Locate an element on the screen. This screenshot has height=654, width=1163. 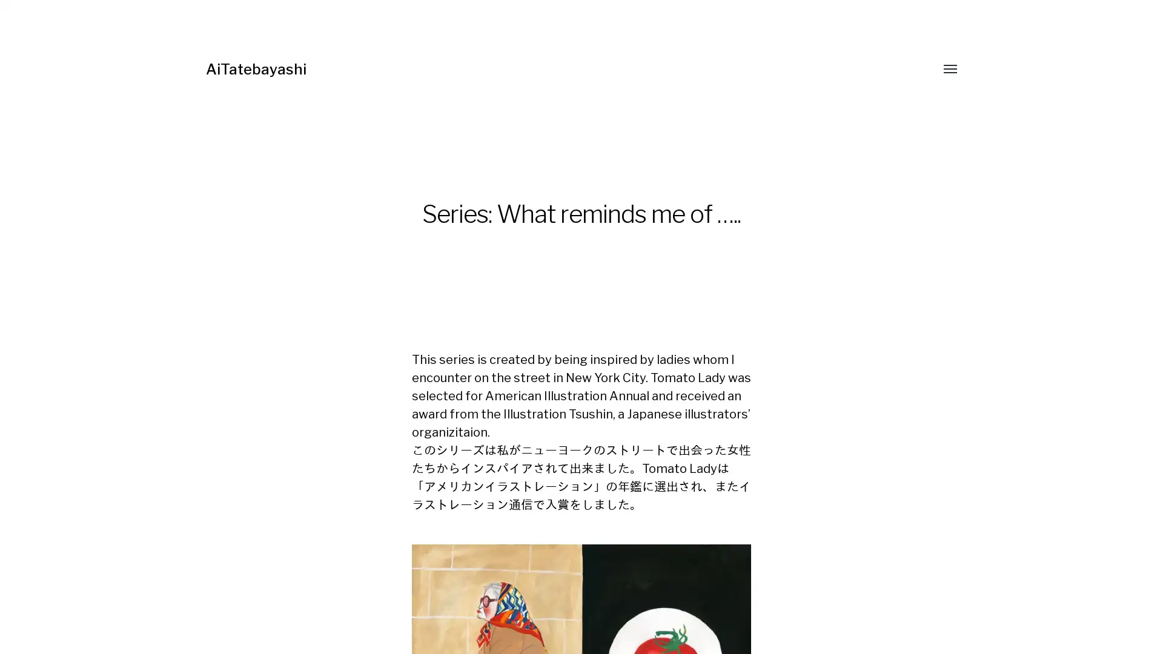
Toggle menu is located at coordinates (941, 69).